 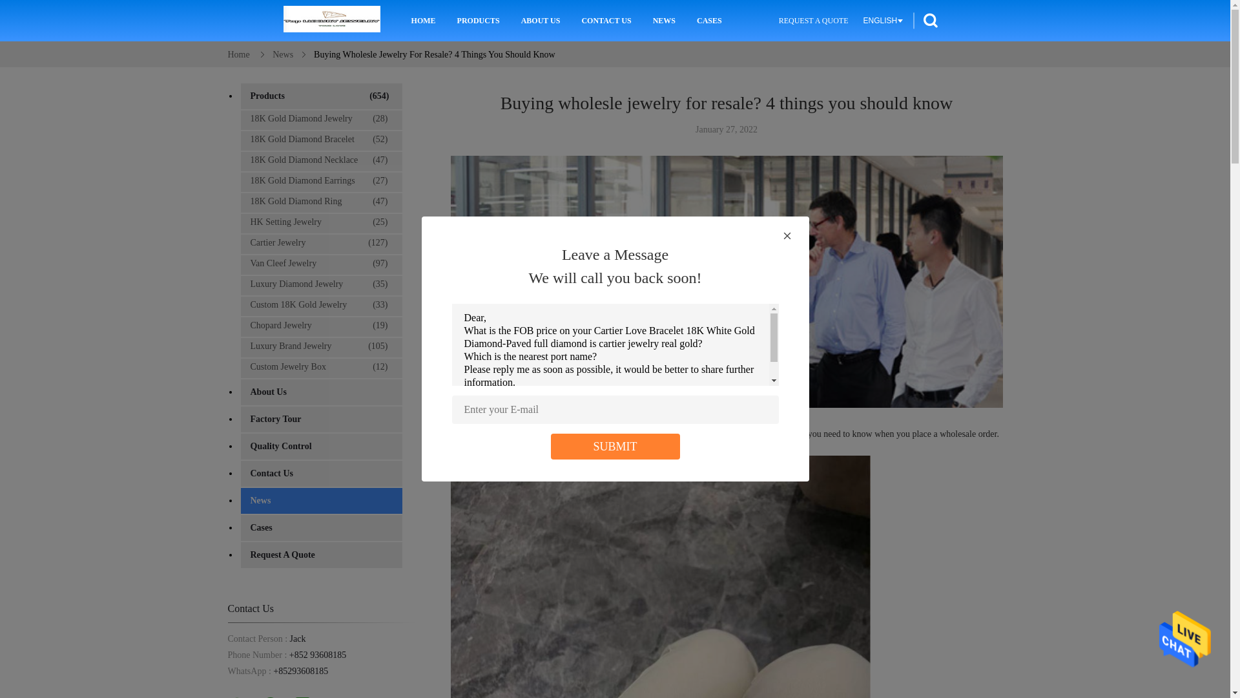 What do you see at coordinates (320, 159) in the screenshot?
I see `'18K Gold Diamond Necklace` at bounding box center [320, 159].